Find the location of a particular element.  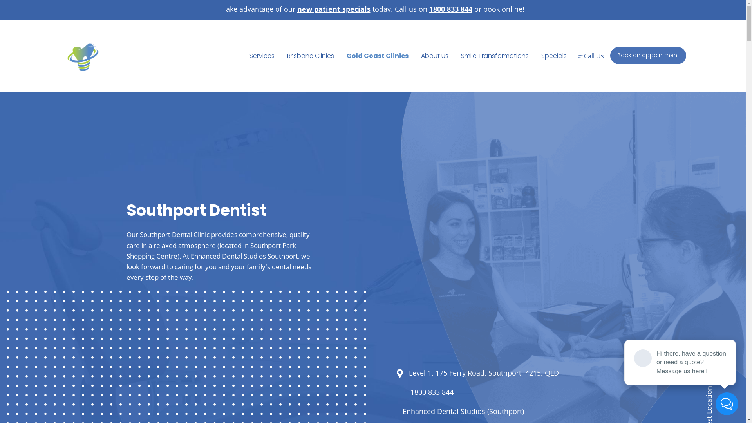

'Book an appointment' is located at coordinates (648, 55).